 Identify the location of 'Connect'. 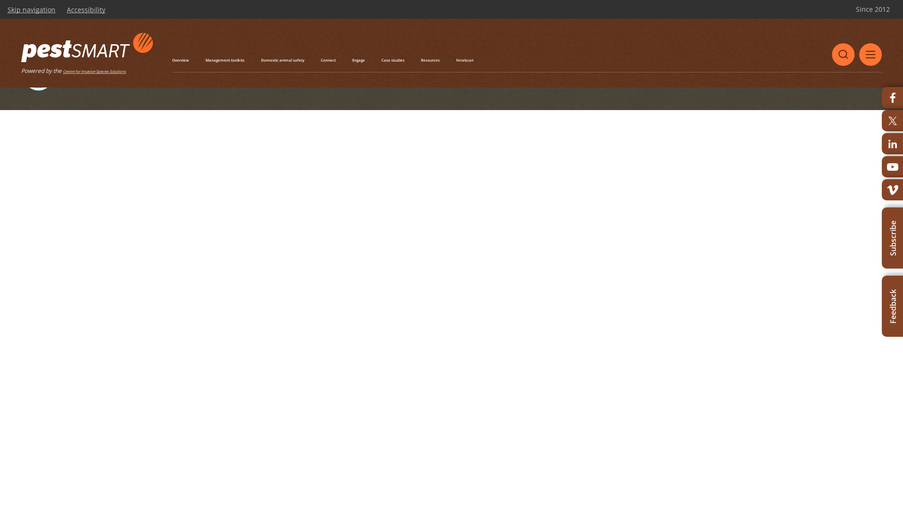
(320, 60).